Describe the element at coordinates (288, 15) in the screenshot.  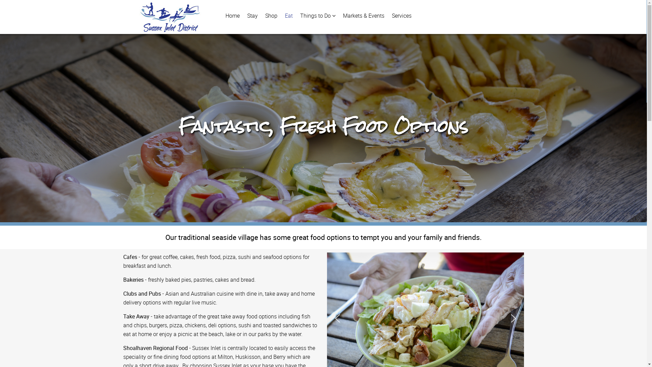
I see `'Eat'` at that location.